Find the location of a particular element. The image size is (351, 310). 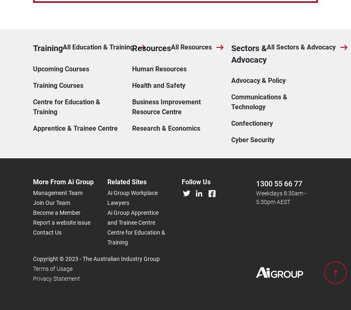

'Related Sites' is located at coordinates (127, 89).